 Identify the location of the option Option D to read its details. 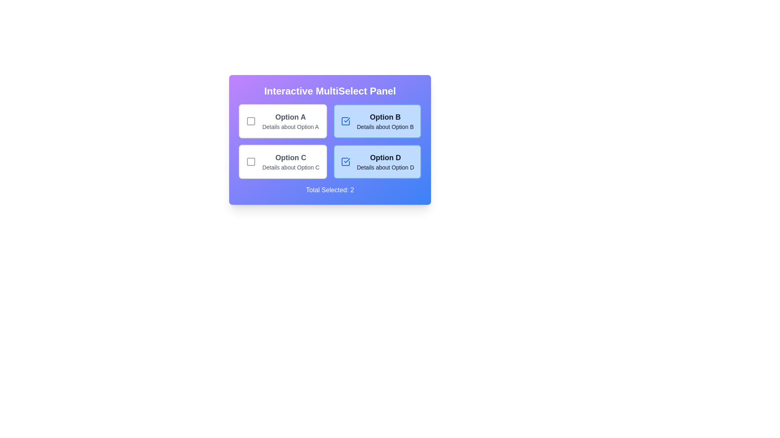
(377, 161).